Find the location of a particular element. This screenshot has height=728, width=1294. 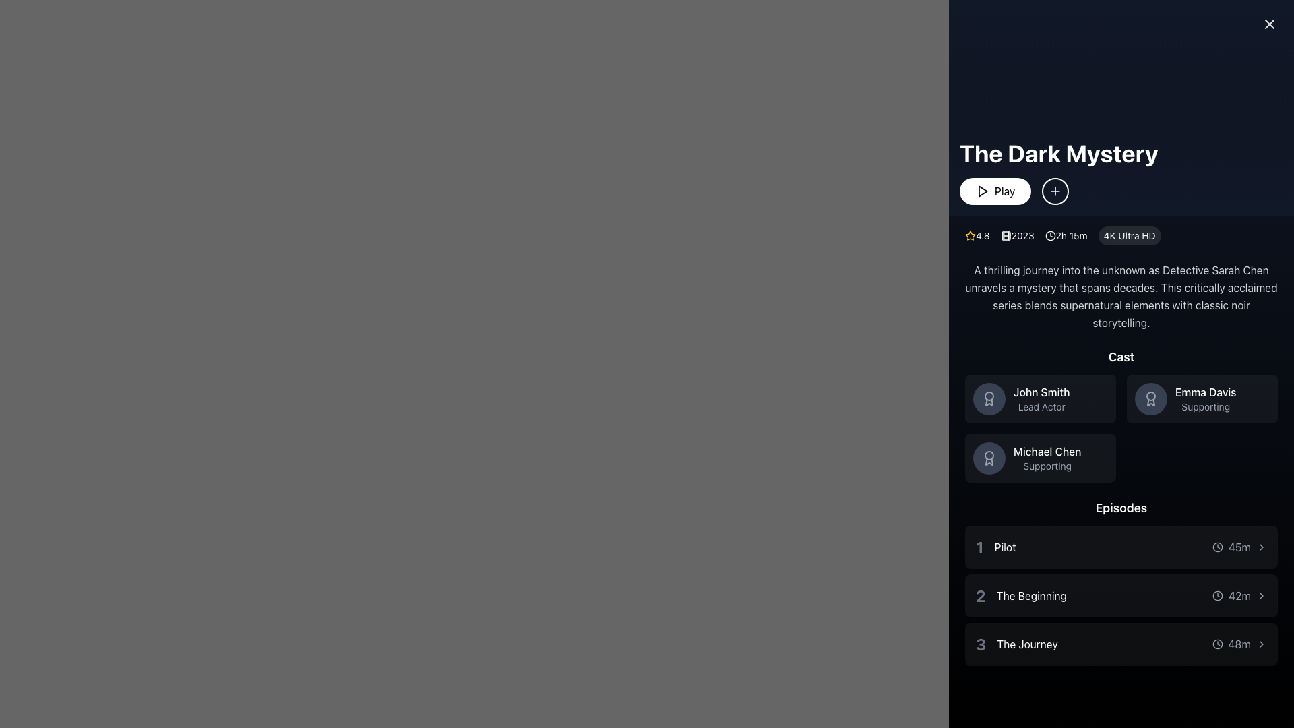

the text element displaying 'Emma Davis' in the top-right card of the 'Cast' section, which is visually distinct and positioned above the supporting role description is located at coordinates (1206, 392).